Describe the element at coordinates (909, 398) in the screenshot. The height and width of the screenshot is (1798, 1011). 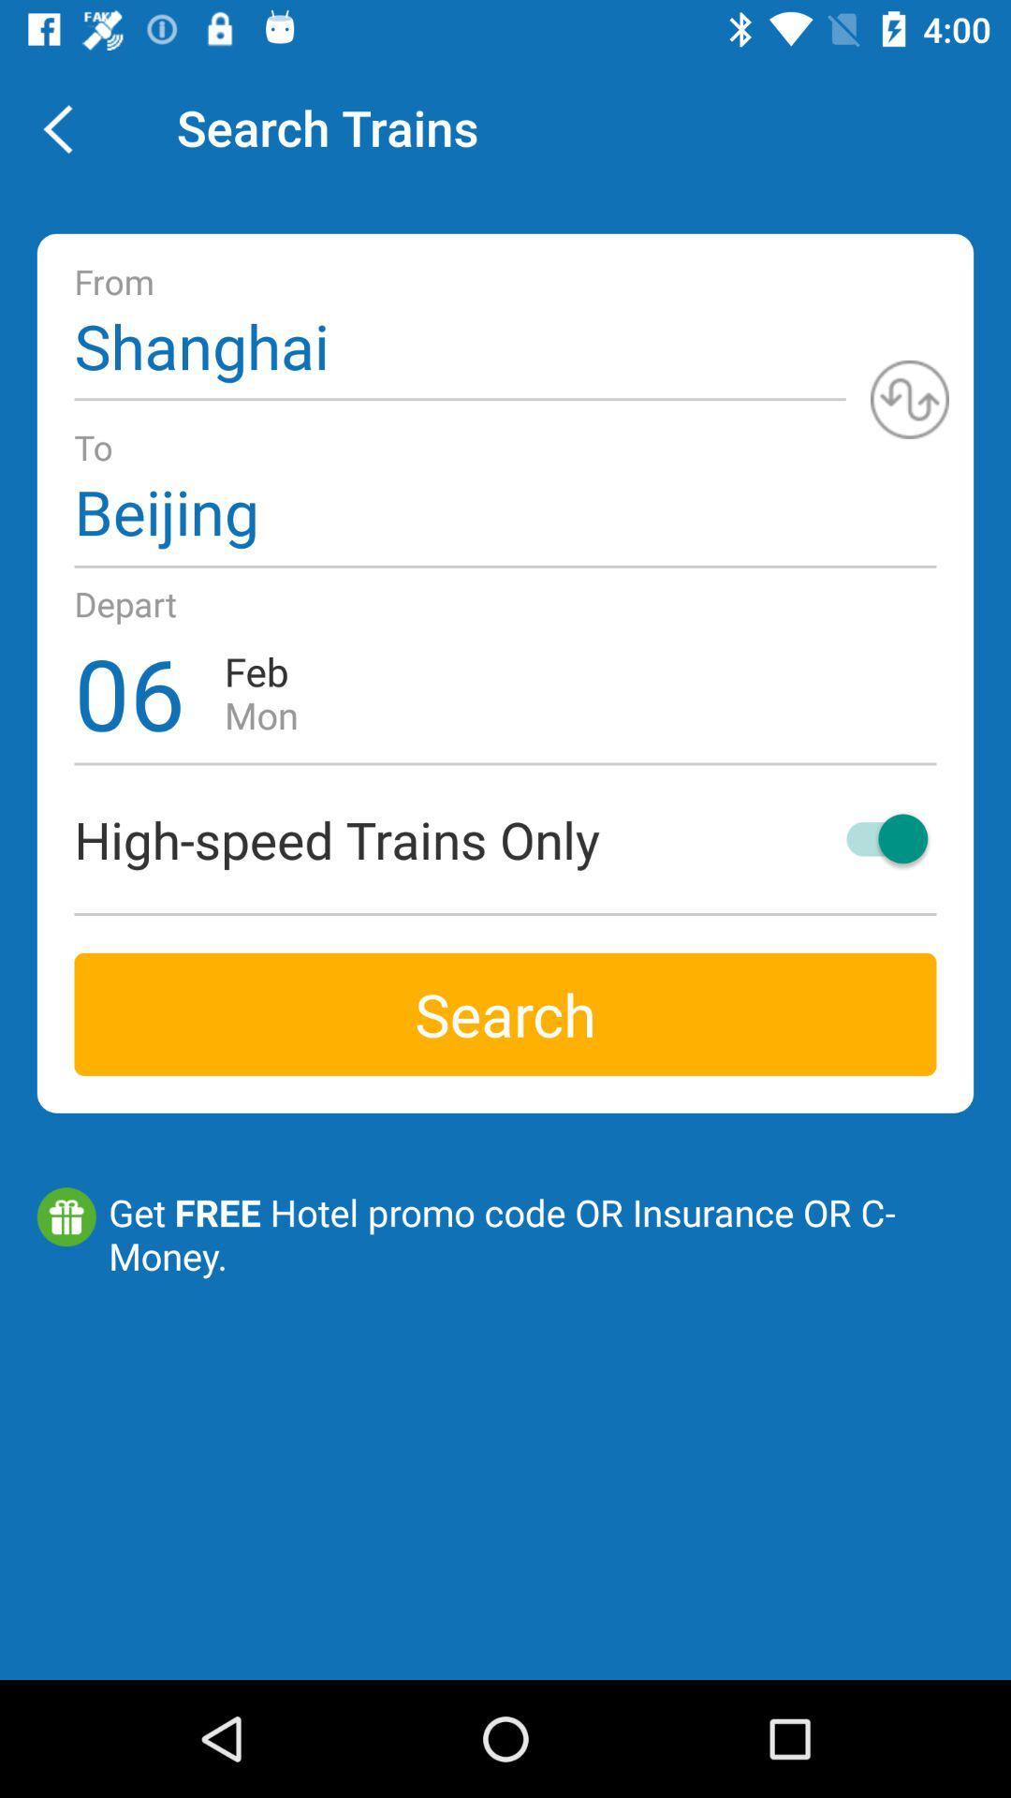
I see `the icon at the top right corner` at that location.